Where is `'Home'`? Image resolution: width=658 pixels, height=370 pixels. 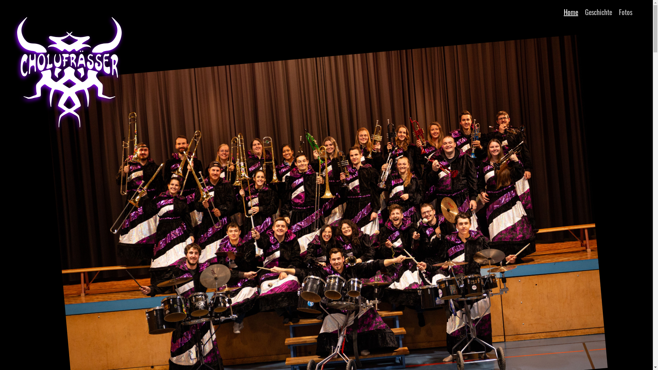 'Home' is located at coordinates (571, 12).